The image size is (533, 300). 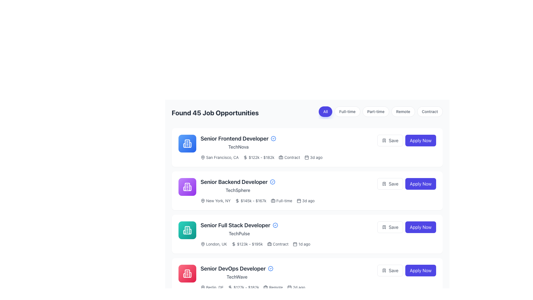 What do you see at coordinates (250, 201) in the screenshot?
I see `salary range label for the job opening of 'Senior Backend Developer' at 'TechSphere', located under the location information 'New York, NY'` at bounding box center [250, 201].